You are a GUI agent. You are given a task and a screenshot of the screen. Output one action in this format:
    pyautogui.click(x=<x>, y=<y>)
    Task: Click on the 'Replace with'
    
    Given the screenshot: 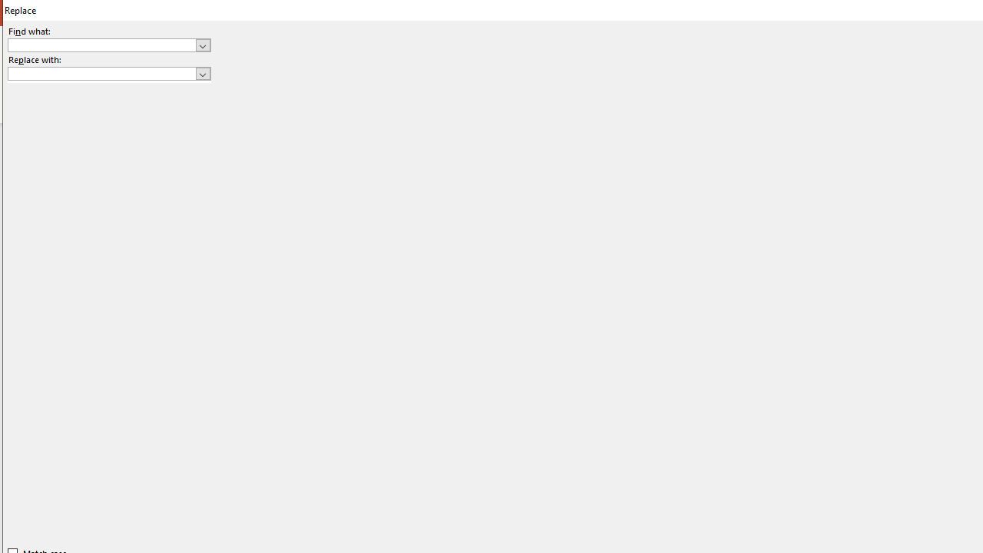 What is the action you would take?
    pyautogui.click(x=108, y=74)
    